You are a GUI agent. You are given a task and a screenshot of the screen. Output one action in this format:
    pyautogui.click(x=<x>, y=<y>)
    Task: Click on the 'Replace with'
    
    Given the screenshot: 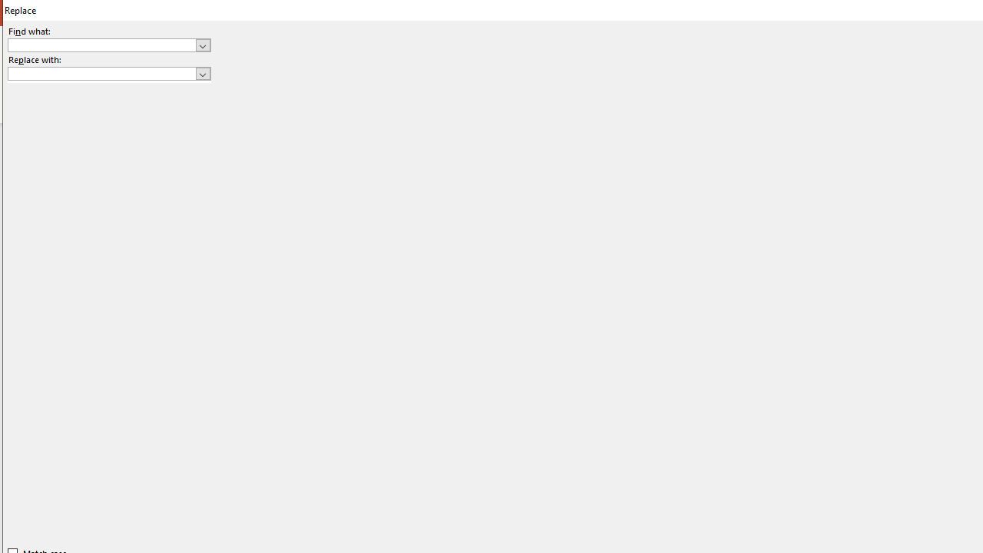 What is the action you would take?
    pyautogui.click(x=108, y=74)
    